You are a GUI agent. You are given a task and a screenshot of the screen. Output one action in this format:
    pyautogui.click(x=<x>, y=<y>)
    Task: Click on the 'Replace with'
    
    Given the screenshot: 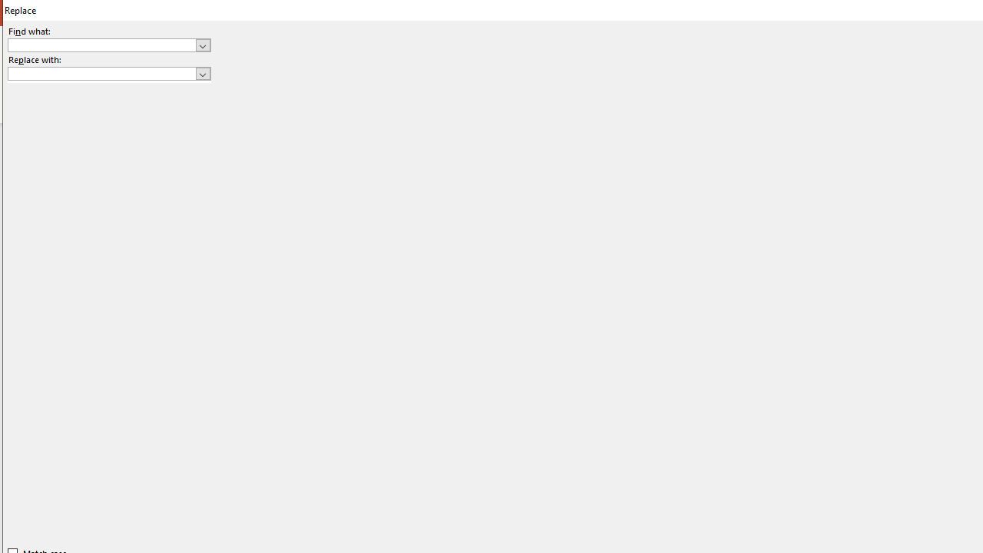 What is the action you would take?
    pyautogui.click(x=108, y=74)
    